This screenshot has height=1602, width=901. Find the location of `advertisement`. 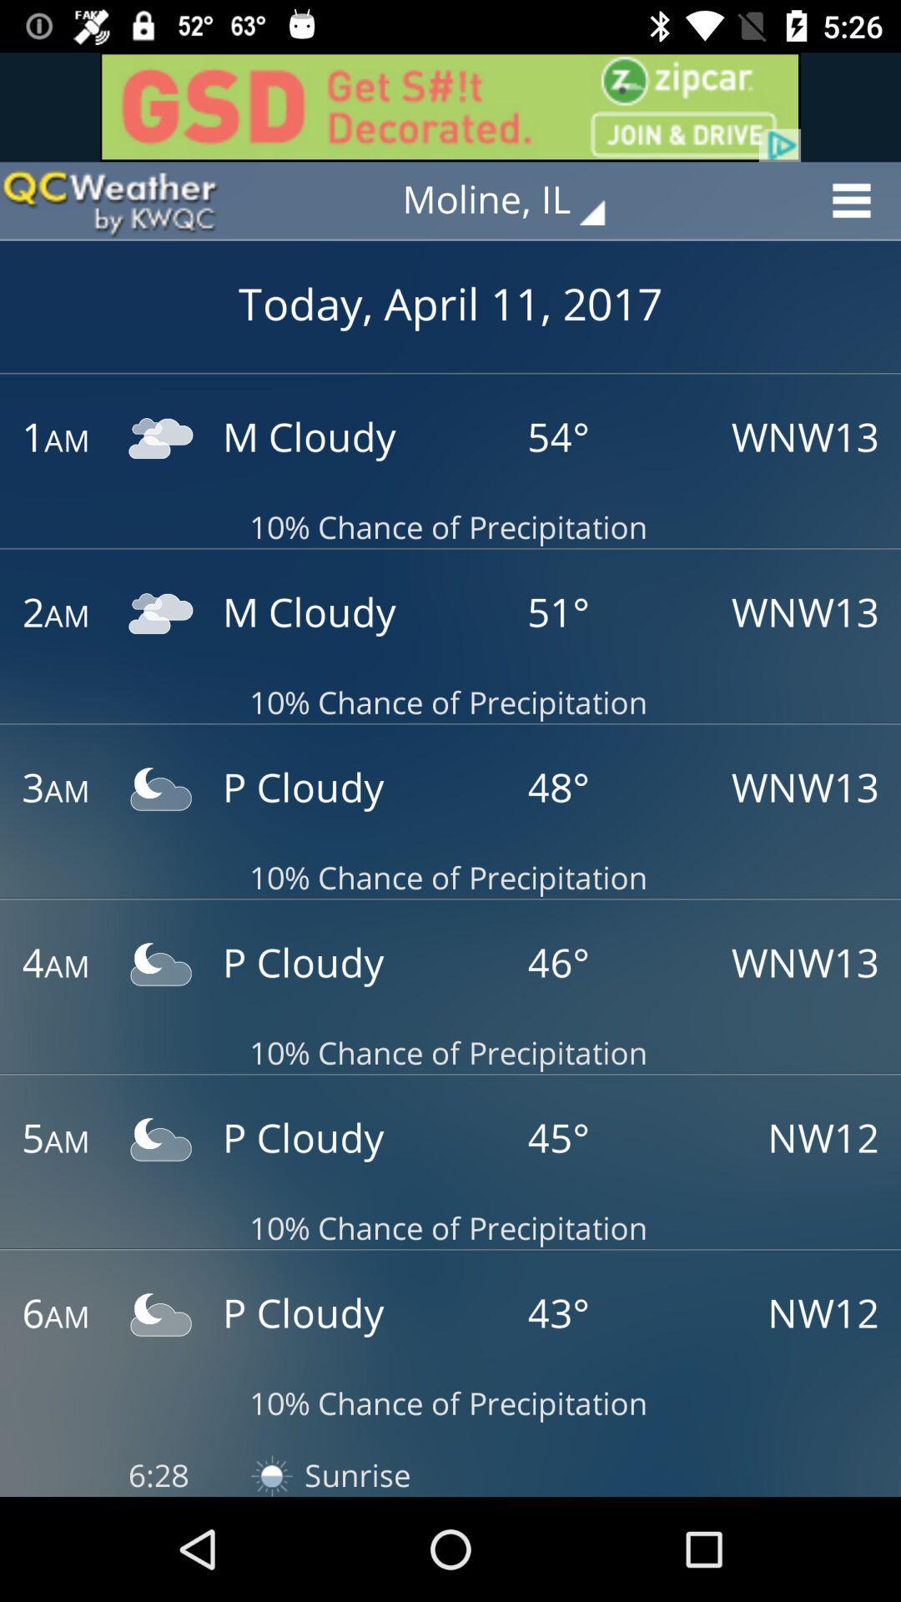

advertisement is located at coordinates (450, 106).